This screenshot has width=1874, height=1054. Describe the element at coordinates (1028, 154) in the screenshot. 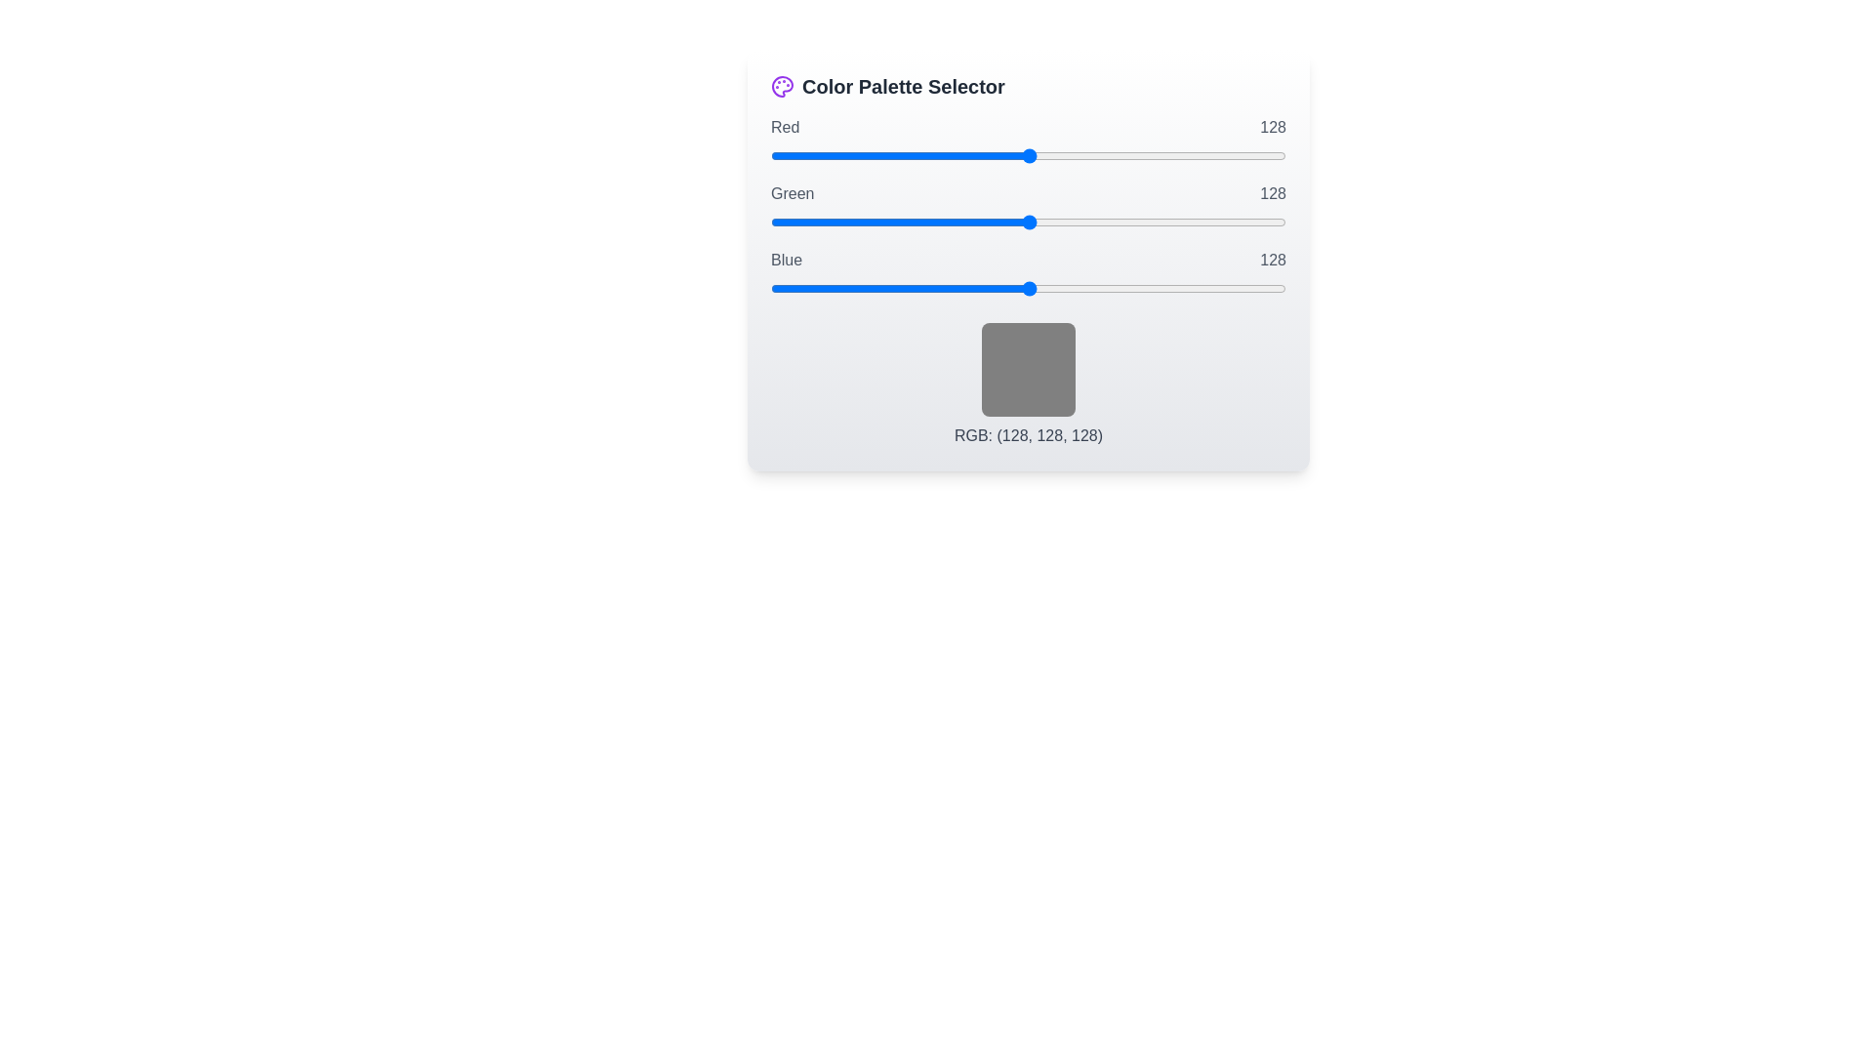

I see `the 0 slider to 144 to observe the color preview box update` at that location.